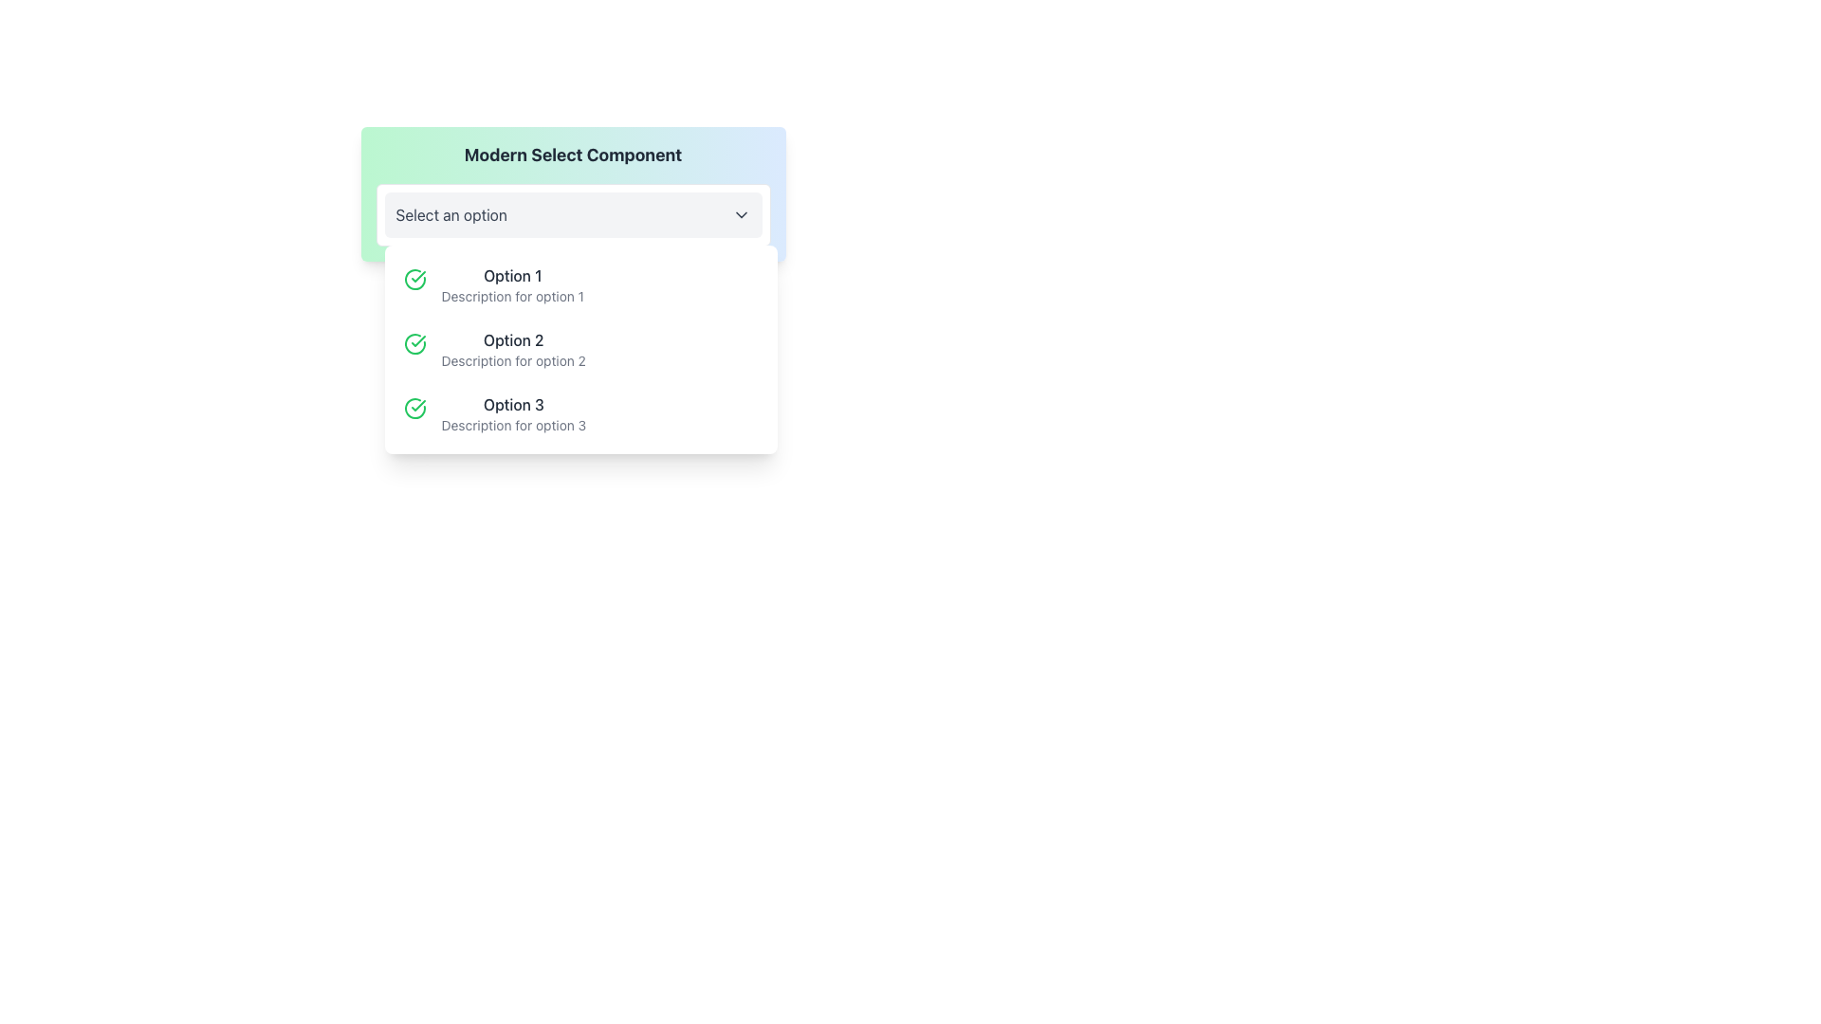  What do you see at coordinates (579, 350) in the screenshot?
I see `the second option in the dropdown list titled 'Option 2' with the description 'Description for option 2'` at bounding box center [579, 350].